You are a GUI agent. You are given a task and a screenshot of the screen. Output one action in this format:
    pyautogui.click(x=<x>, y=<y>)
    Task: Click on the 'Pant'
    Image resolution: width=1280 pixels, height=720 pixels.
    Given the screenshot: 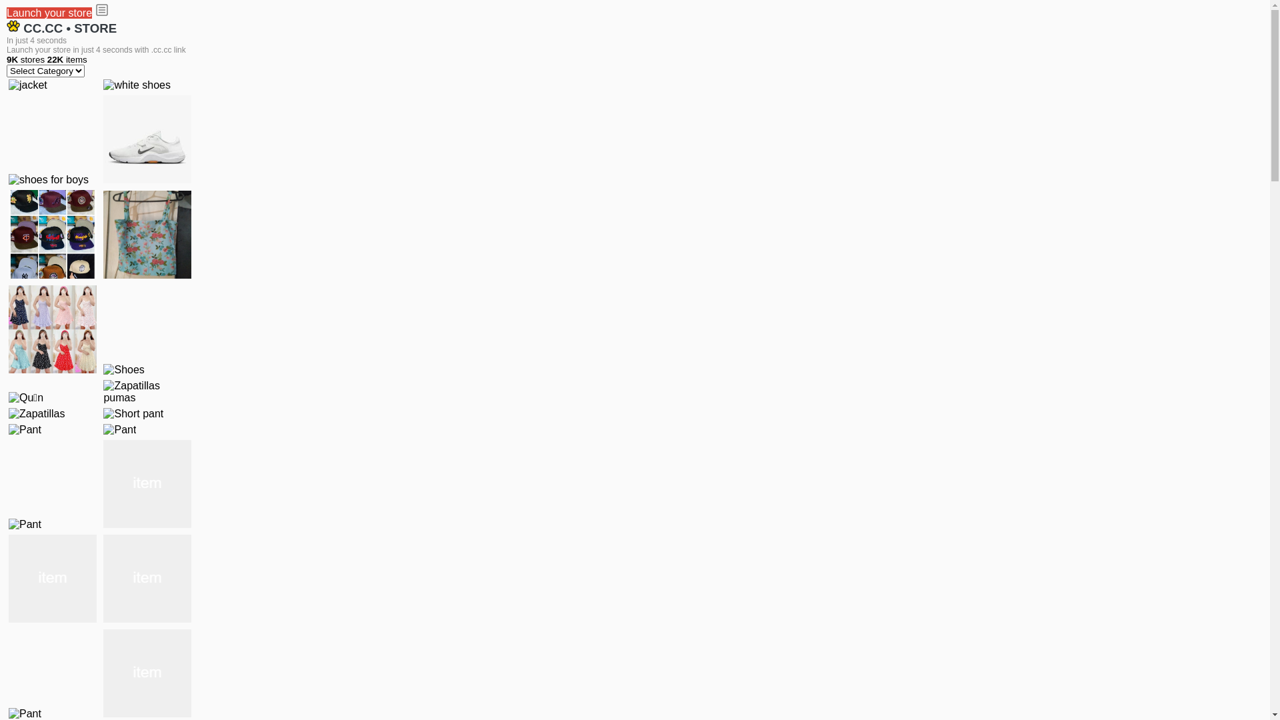 What is the action you would take?
    pyautogui.click(x=25, y=429)
    